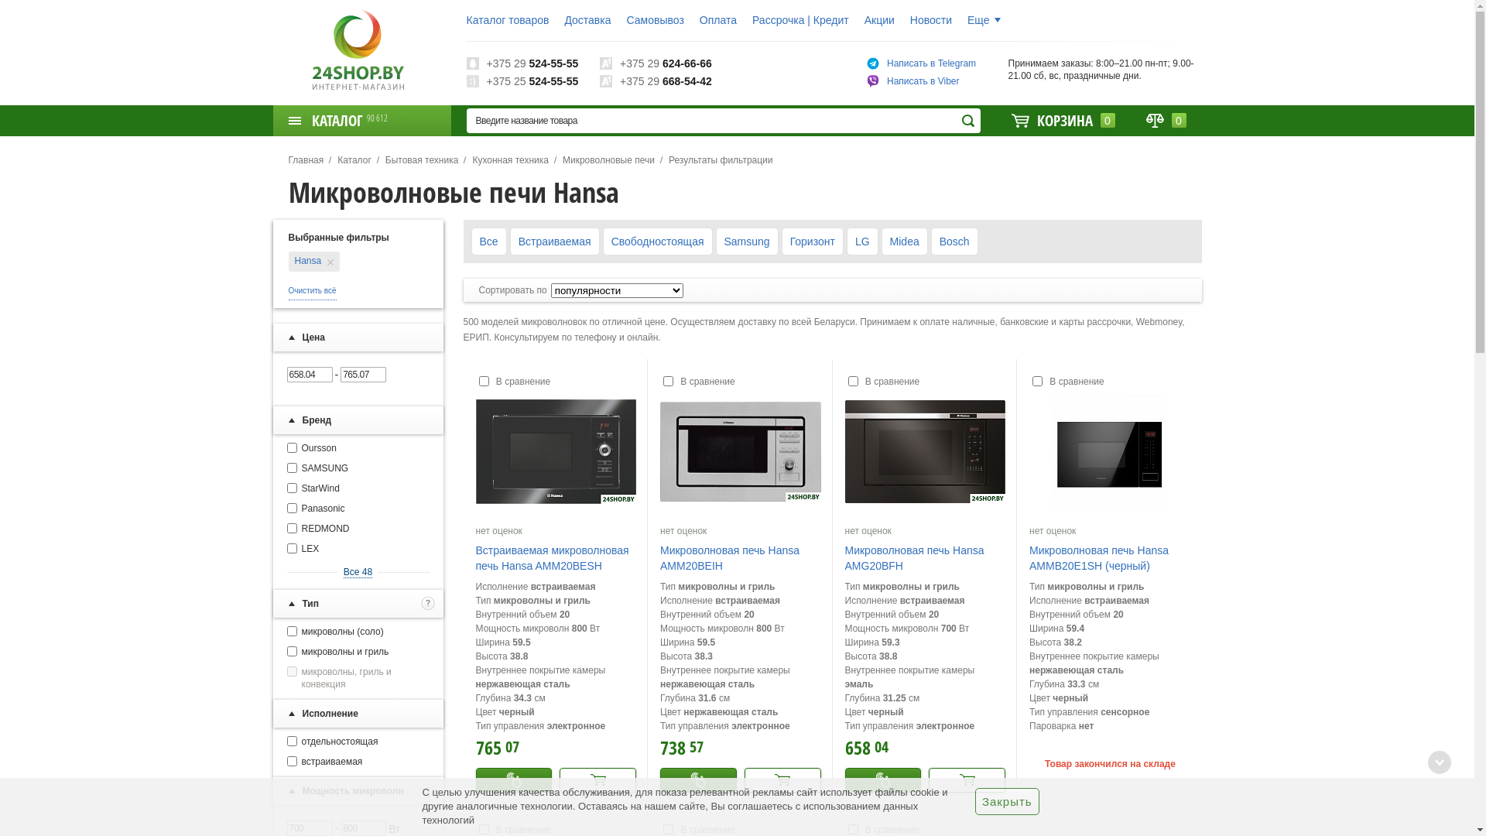 This screenshot has height=836, width=1486. I want to click on 'LG', so click(861, 242).